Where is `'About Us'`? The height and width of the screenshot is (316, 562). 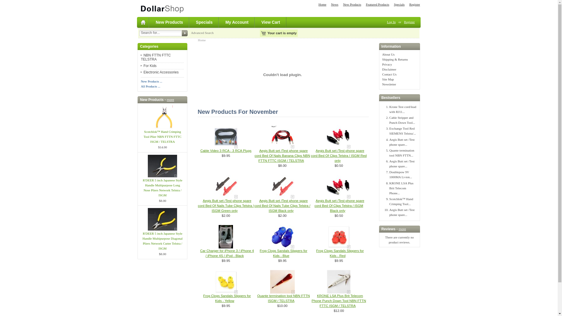
'About Us' is located at coordinates (388, 54).